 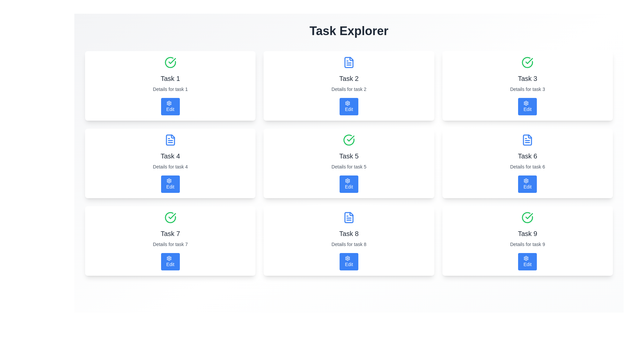 What do you see at coordinates (348, 62) in the screenshot?
I see `the SVG icon representing 'Task 2'` at bounding box center [348, 62].